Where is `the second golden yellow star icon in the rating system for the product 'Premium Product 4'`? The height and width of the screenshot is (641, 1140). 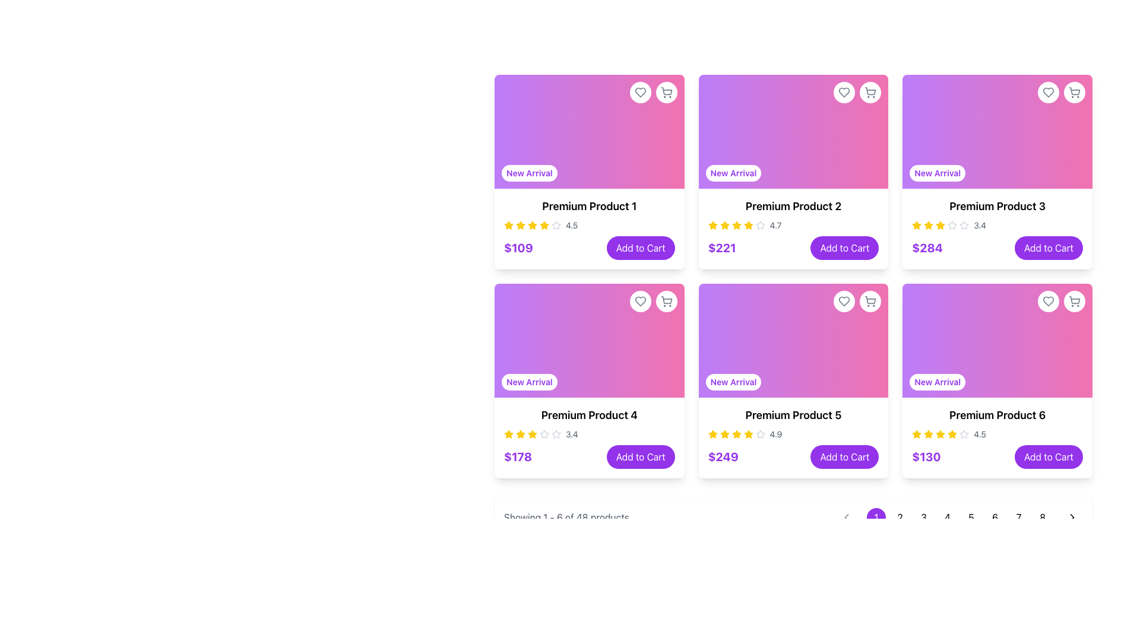 the second golden yellow star icon in the rating system for the product 'Premium Product 4' is located at coordinates (532, 434).